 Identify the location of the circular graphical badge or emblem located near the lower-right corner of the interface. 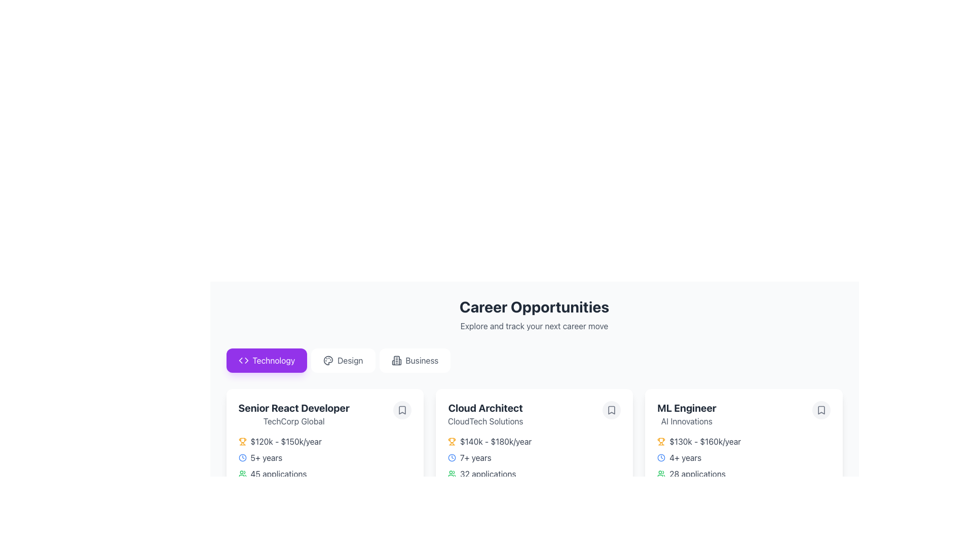
(661, 516).